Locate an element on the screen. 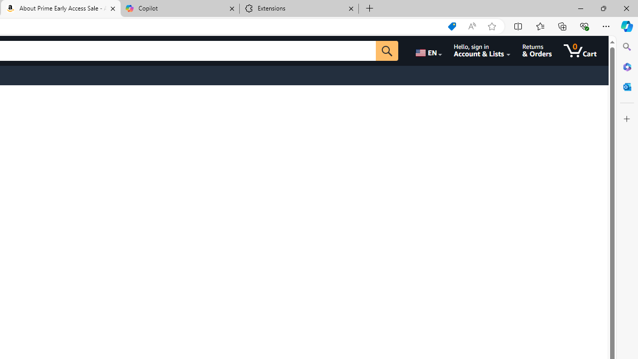 The width and height of the screenshot is (638, 359). '0 items in cart' is located at coordinates (580, 50).